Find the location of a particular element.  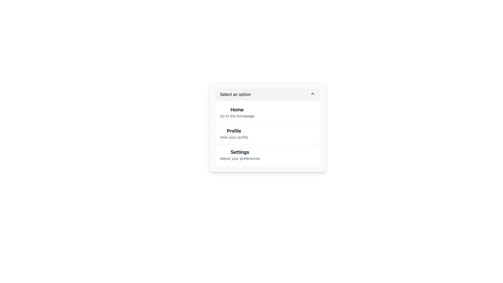

the Text Label element that contains the text 'View your profile', which is located below the title 'Profile' in a dropdown menu is located at coordinates (234, 137).